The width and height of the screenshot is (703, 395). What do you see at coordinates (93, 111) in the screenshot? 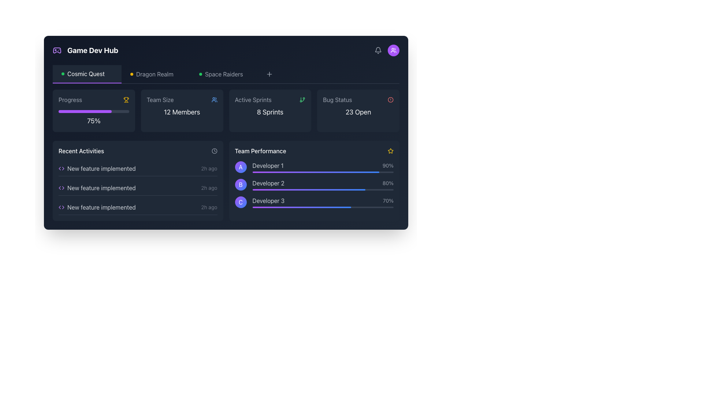
I see `the horizontal progress bar located in the 'Progress' section, which is styled with a gray background and purple filled portion, positioned centrally under the 'Progress' label and above the '75%' percentage value` at bounding box center [93, 111].